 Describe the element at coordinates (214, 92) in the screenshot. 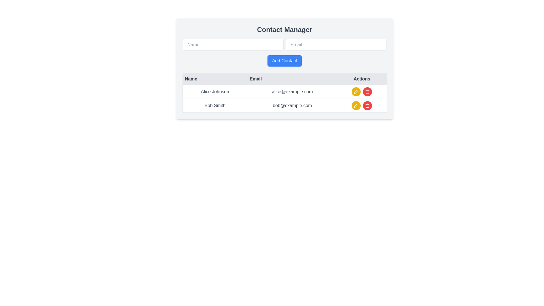

I see `the text label displaying the contact name 'Alice Johnson' in the data table, located in the first row under the 'Name' column` at that location.